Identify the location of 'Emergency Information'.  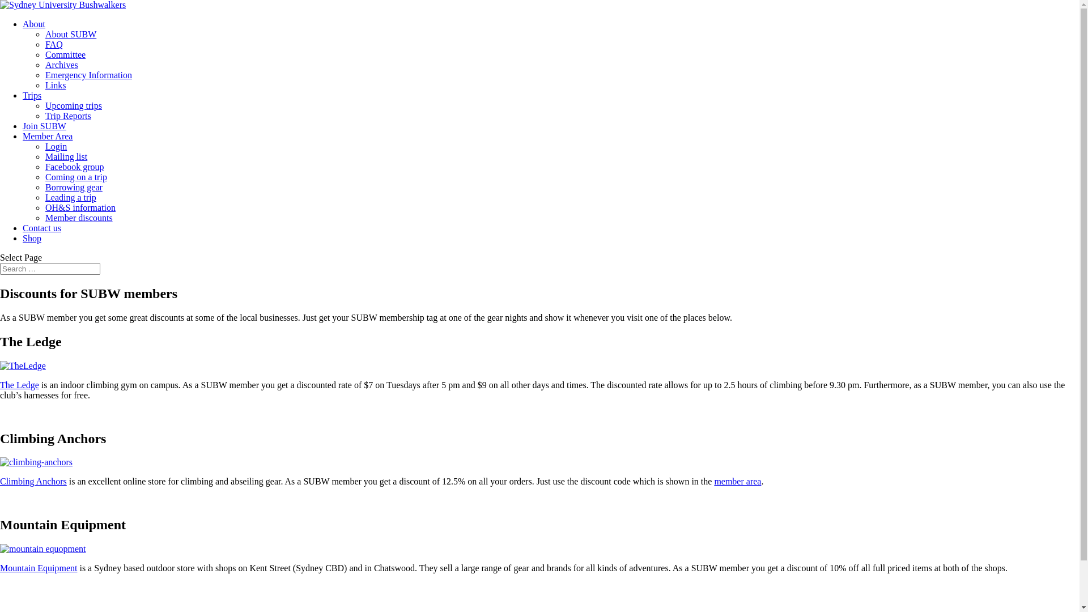
(88, 75).